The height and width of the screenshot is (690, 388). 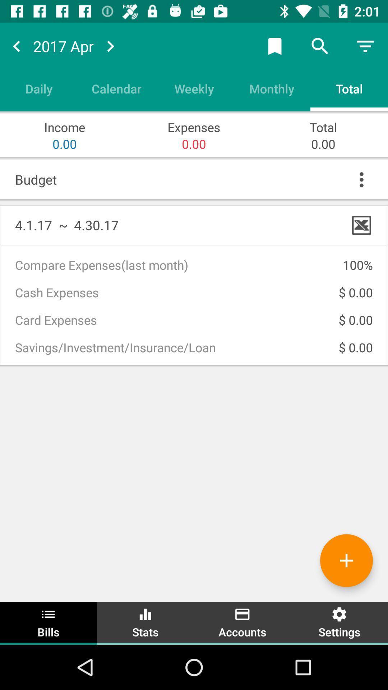 I want to click on the calendar item, so click(x=116, y=88).